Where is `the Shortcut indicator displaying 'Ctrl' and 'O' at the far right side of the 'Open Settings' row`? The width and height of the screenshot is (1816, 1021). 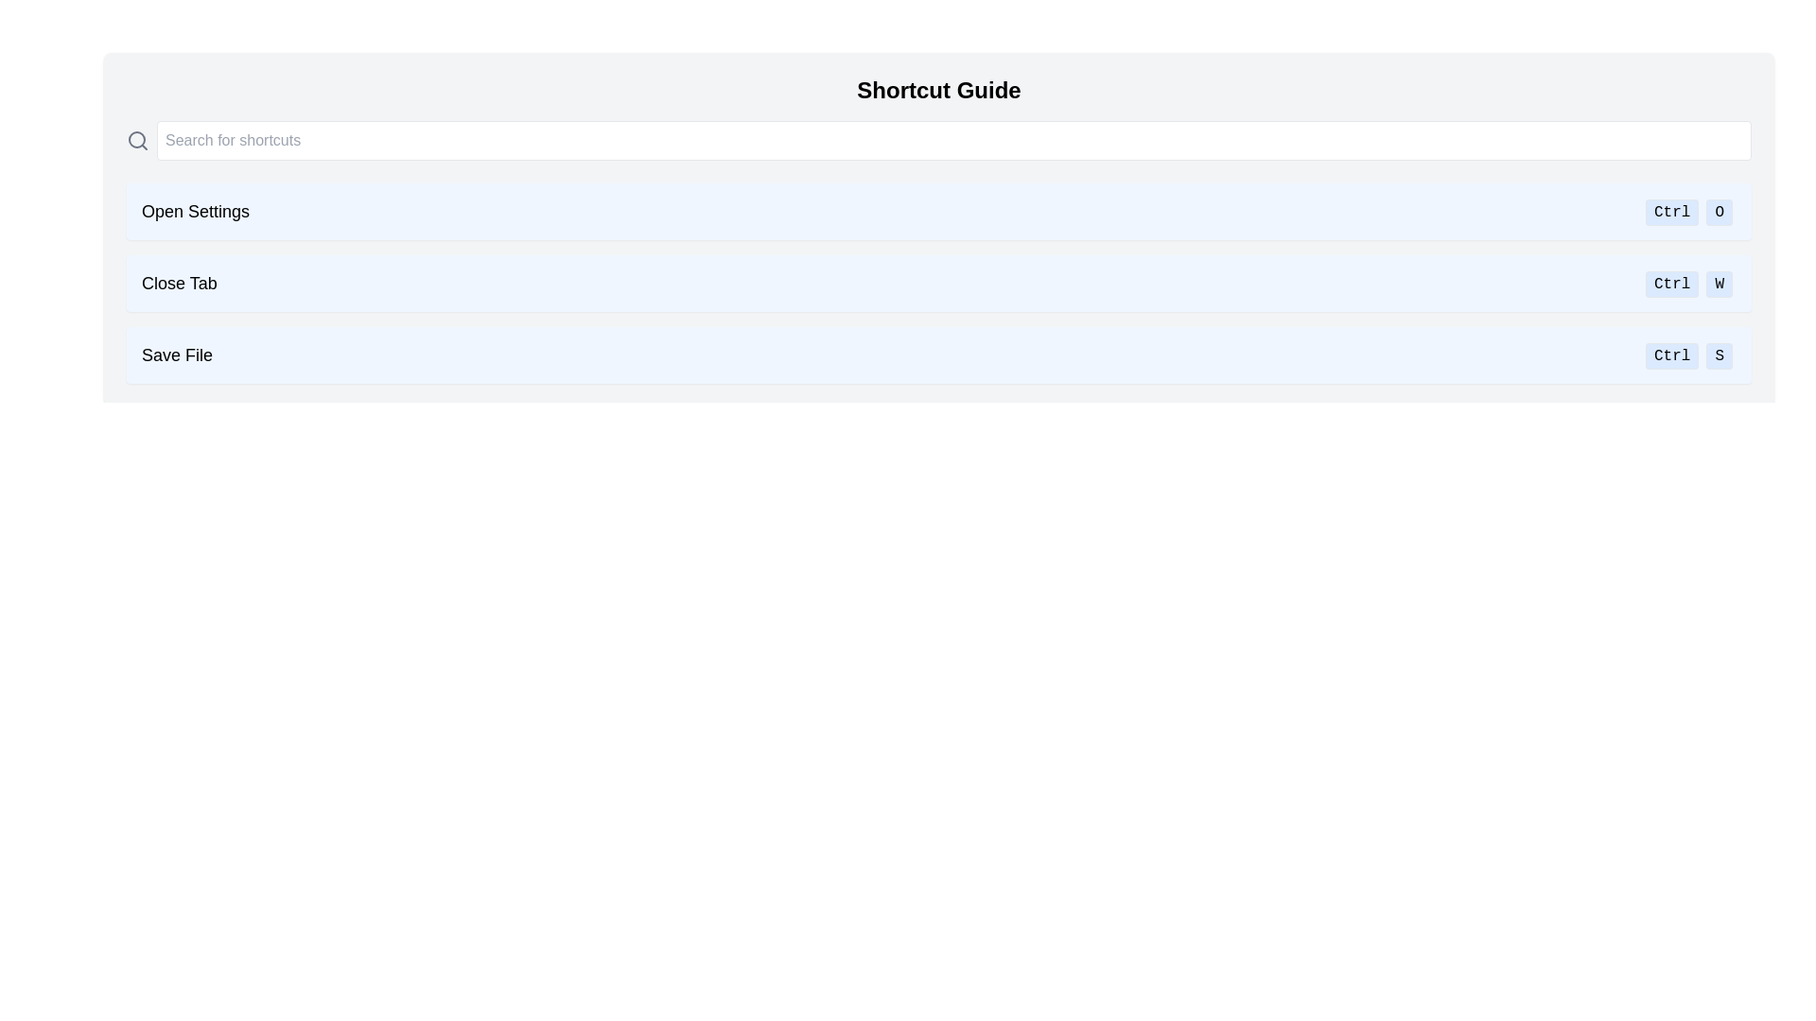
the Shortcut indicator displaying 'Ctrl' and 'O' at the far right side of the 'Open Settings' row is located at coordinates (1688, 211).